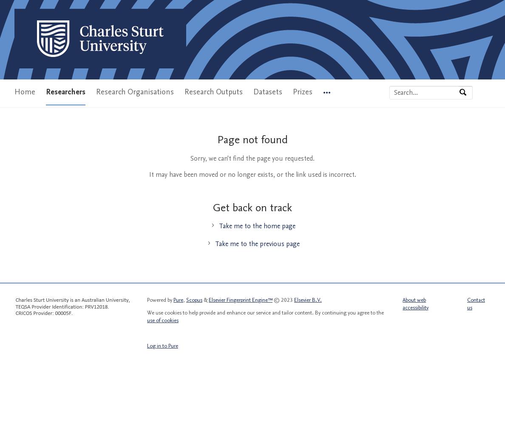 Image resolution: width=505 pixels, height=425 pixels. Describe the element at coordinates (160, 299) in the screenshot. I see `'Powered by'` at that location.